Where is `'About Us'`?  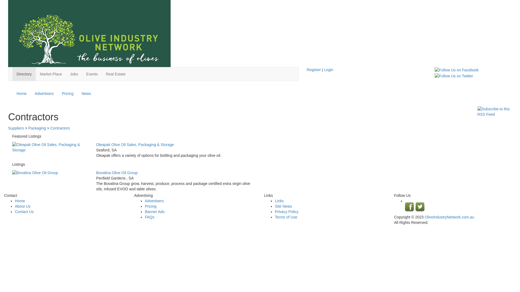
'About Us' is located at coordinates (22, 206).